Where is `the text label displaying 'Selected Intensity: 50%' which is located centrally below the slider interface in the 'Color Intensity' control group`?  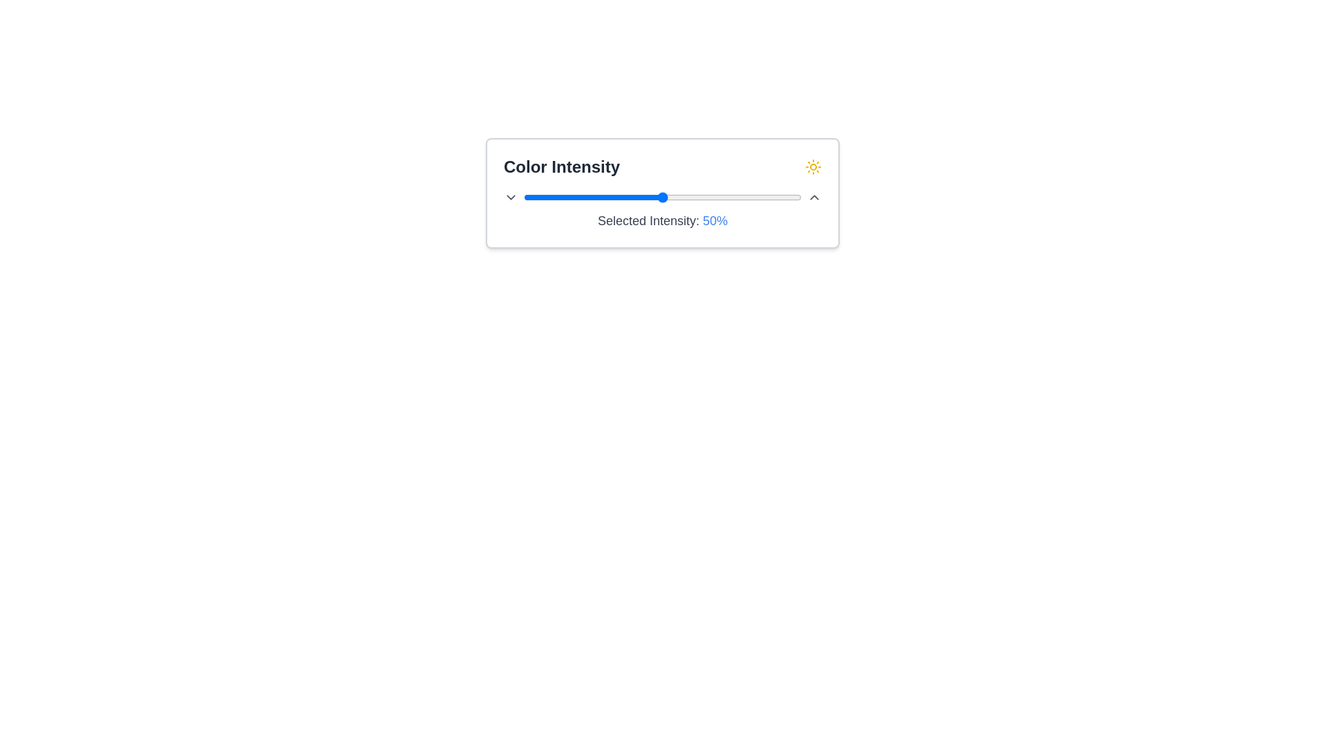 the text label displaying 'Selected Intensity: 50%' which is located centrally below the slider interface in the 'Color Intensity' control group is located at coordinates (662, 220).